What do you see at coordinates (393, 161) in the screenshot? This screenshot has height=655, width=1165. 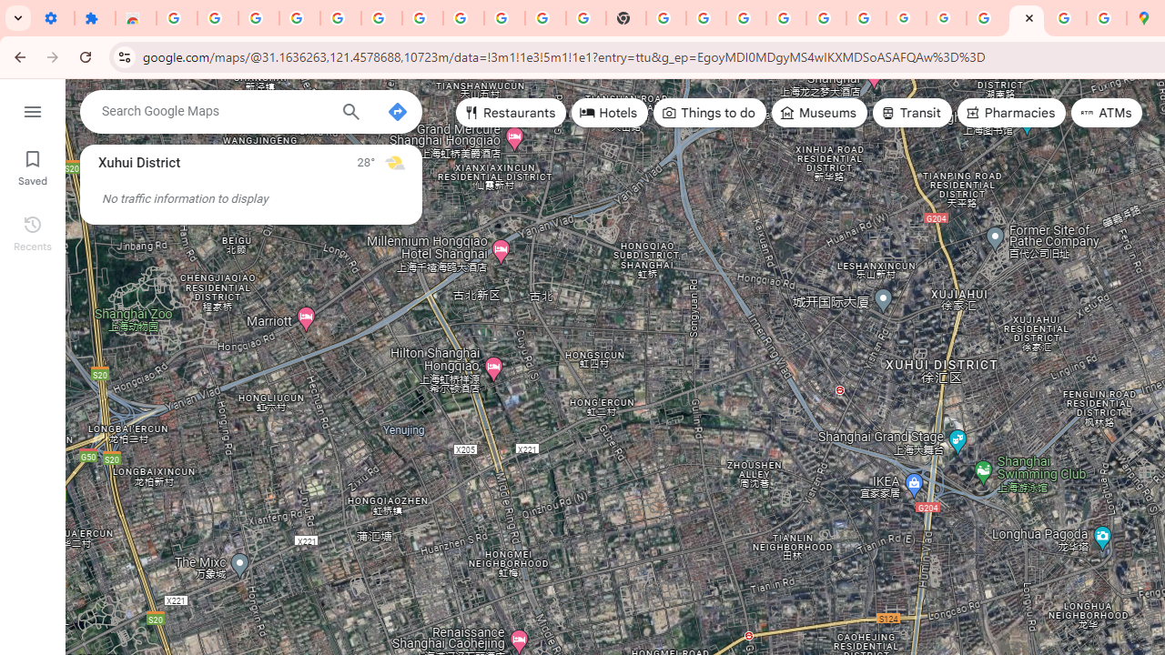 I see `'Partly cloudy'` at bounding box center [393, 161].